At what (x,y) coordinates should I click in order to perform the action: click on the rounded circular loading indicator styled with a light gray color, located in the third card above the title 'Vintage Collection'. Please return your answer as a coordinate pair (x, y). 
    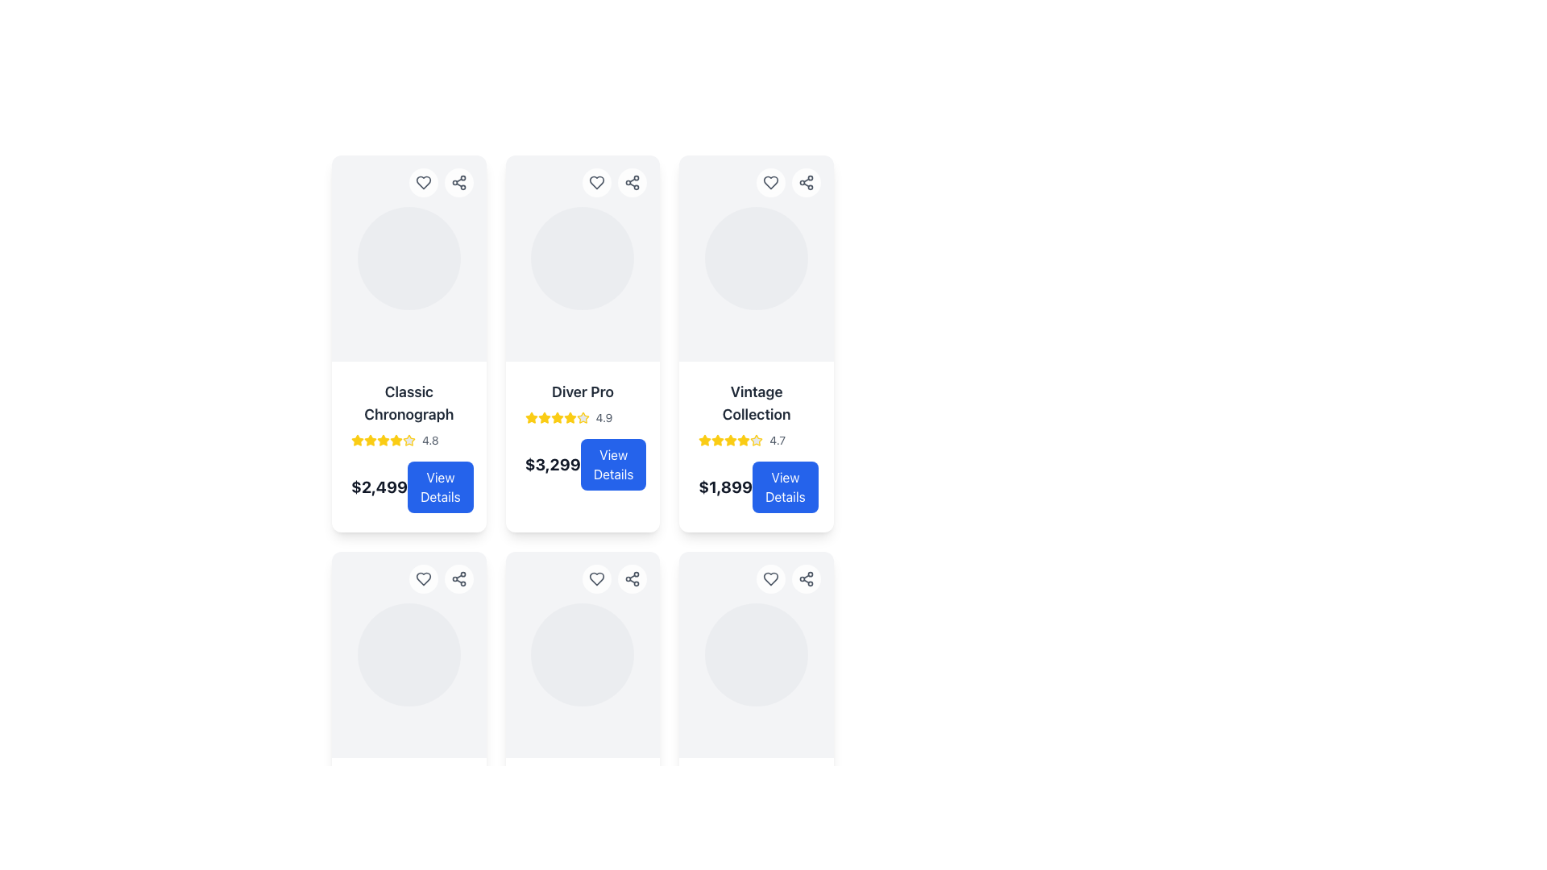
    Looking at the image, I should click on (756, 257).